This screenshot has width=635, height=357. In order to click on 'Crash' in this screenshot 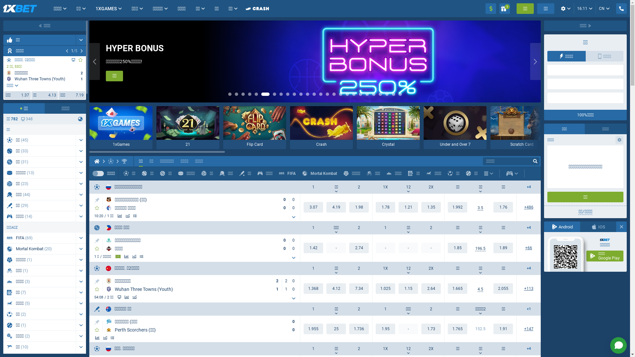, I will do `click(321, 127)`.